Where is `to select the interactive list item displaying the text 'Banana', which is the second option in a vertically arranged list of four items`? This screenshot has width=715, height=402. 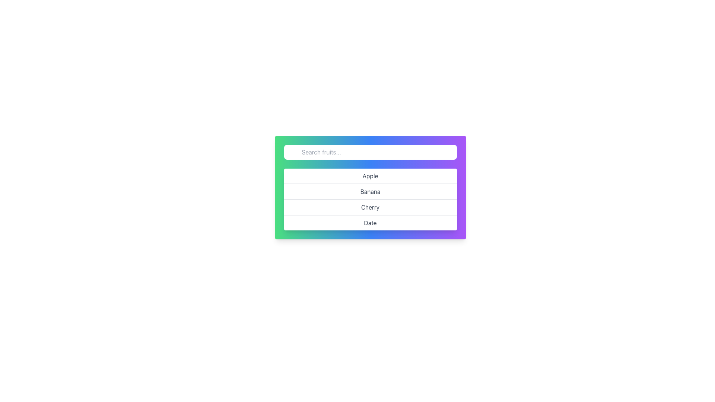 to select the interactive list item displaying the text 'Banana', which is the second option in a vertically arranged list of four items is located at coordinates (370, 191).